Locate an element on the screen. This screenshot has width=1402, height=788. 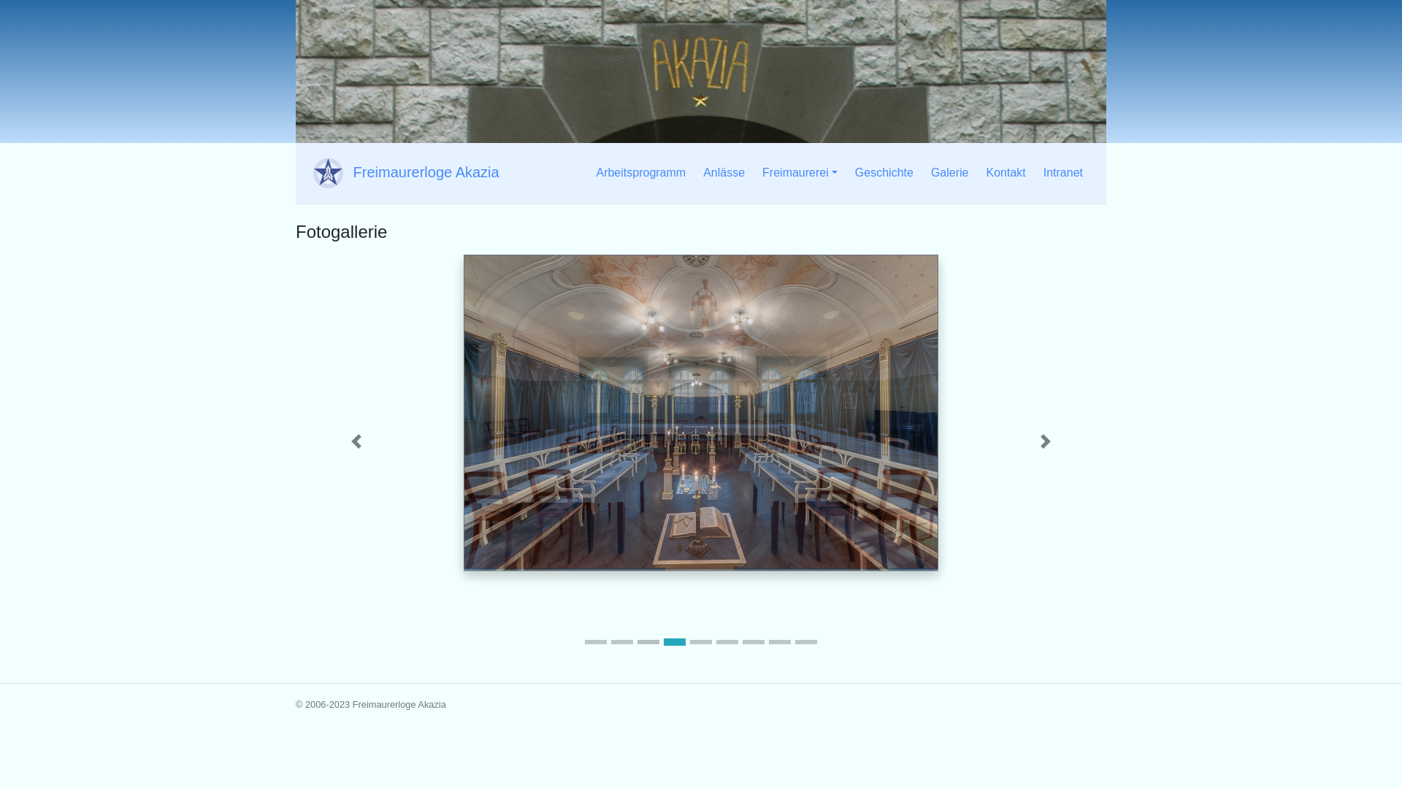
'Freimaurerloge Akazia' is located at coordinates (403, 172).